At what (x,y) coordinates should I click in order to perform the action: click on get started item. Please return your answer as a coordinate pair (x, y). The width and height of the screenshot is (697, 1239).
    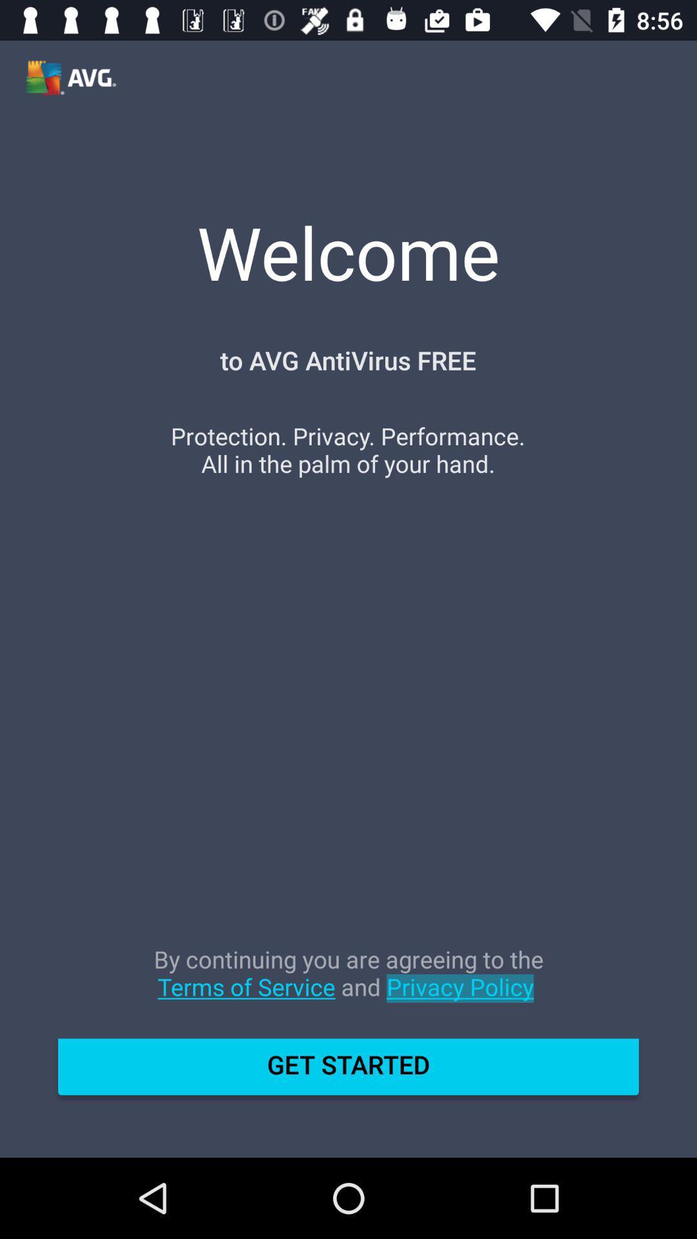
    Looking at the image, I should click on (348, 1072).